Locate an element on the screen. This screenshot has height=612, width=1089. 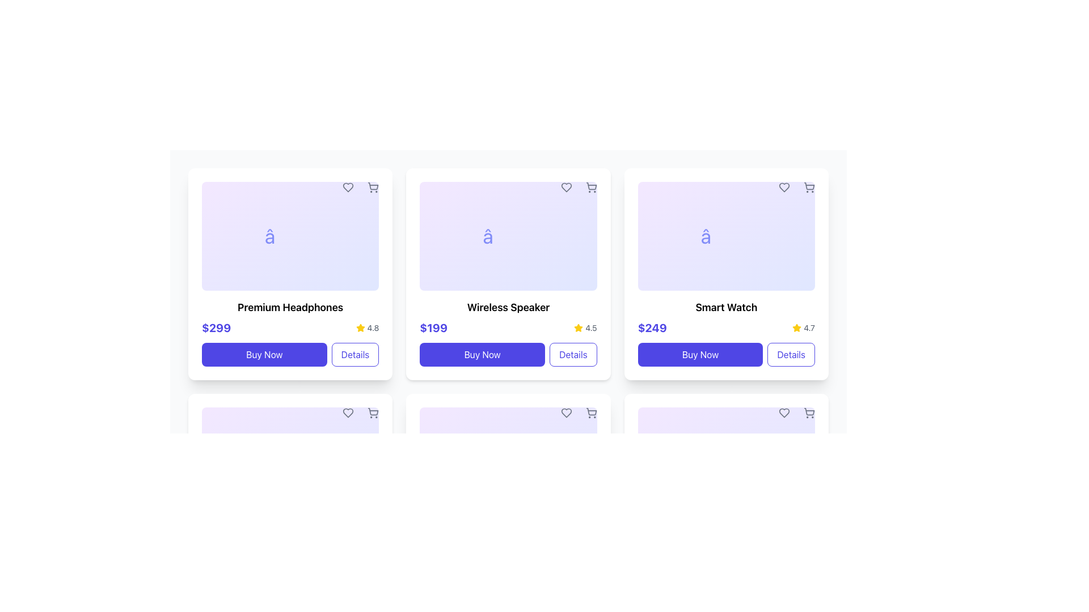
the shopping cart icon located in the top-right corner of the 'Wireless Speaker' product card is located at coordinates (590, 411).